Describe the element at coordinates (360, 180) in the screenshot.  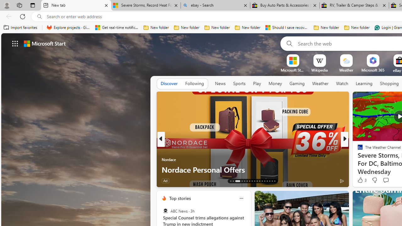
I see `'7 Like'` at that location.